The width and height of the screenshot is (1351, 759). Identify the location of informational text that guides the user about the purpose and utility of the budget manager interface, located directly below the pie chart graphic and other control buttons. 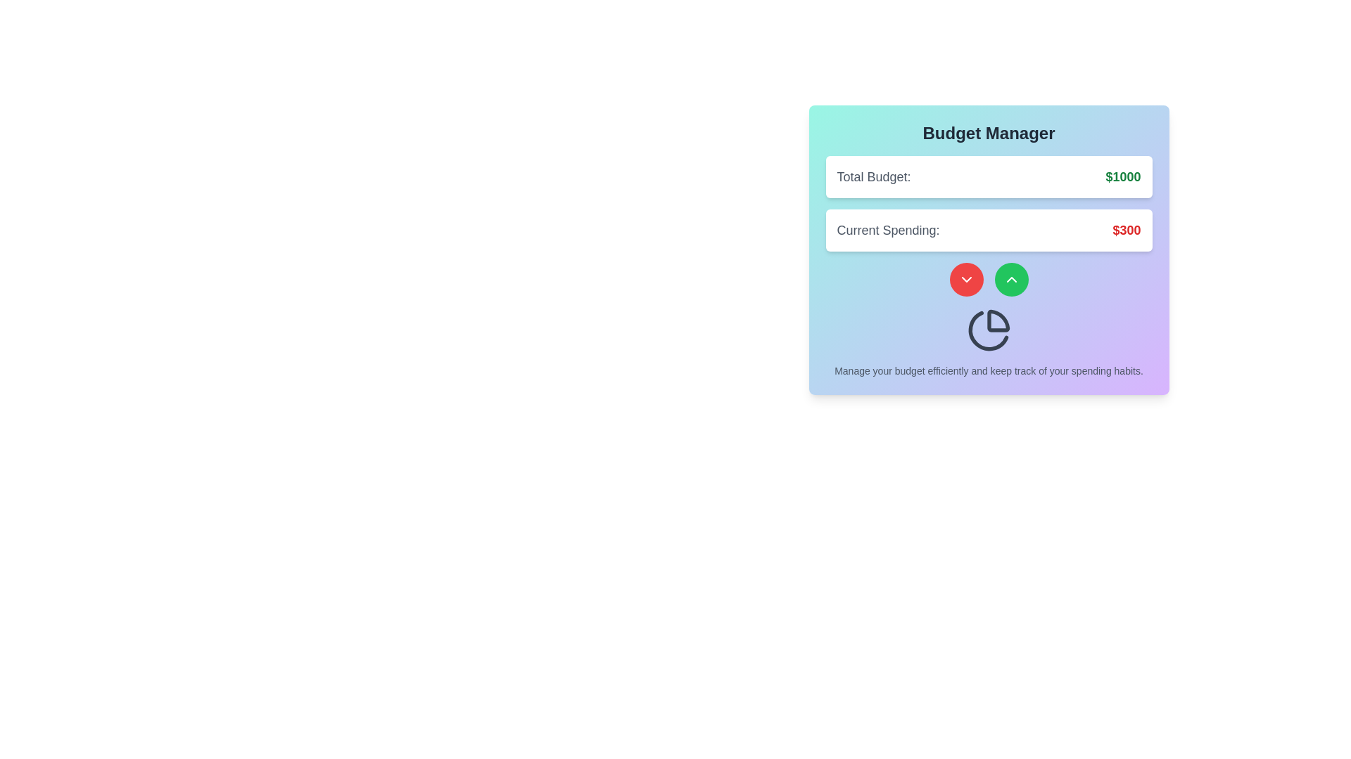
(988, 370).